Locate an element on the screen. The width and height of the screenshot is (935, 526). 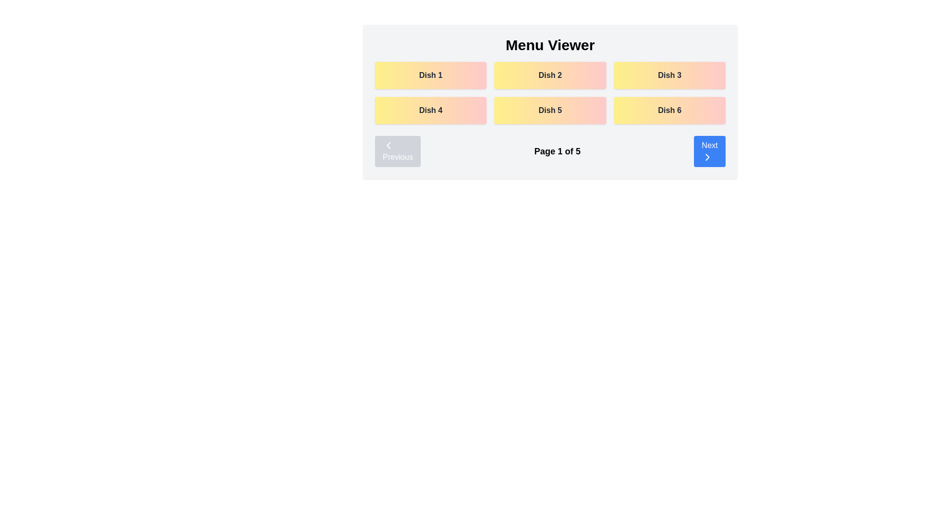
the 'Next' button, which is visually distinct with a blue background and white text is located at coordinates (708, 157).